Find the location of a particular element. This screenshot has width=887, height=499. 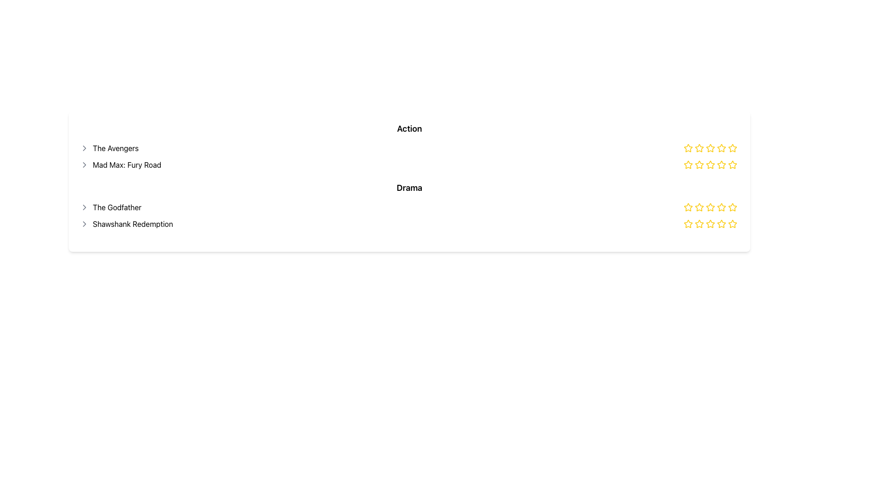

the first star icon in the 'Drama' section next to the title 'The Godfather' to allow for rating selection is located at coordinates (688, 207).